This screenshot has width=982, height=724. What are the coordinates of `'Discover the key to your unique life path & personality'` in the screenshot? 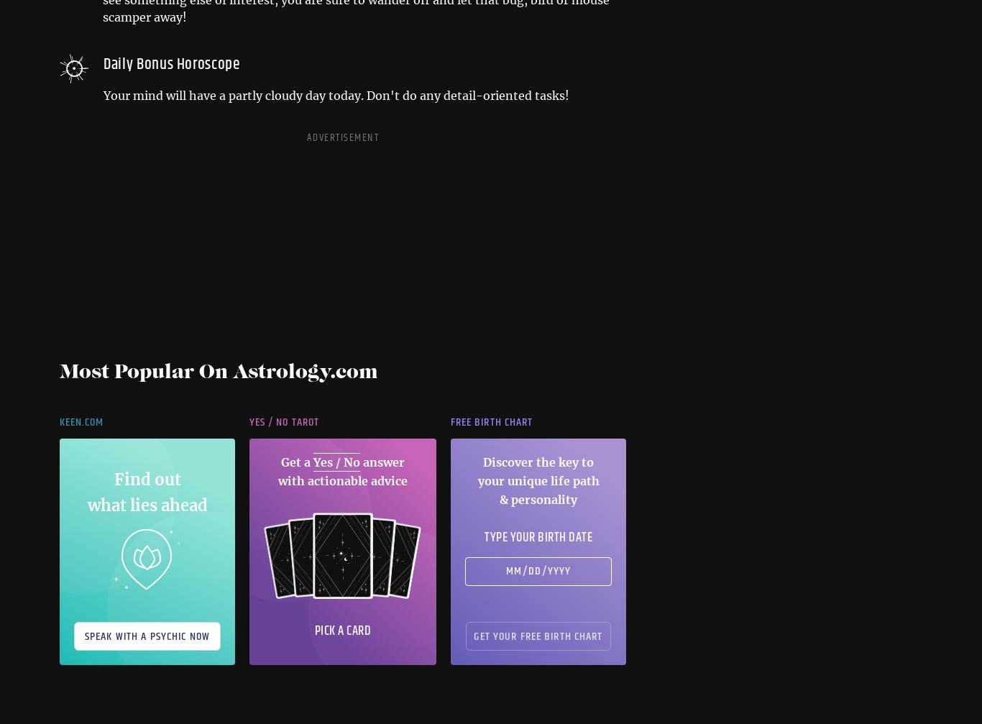 It's located at (538, 480).